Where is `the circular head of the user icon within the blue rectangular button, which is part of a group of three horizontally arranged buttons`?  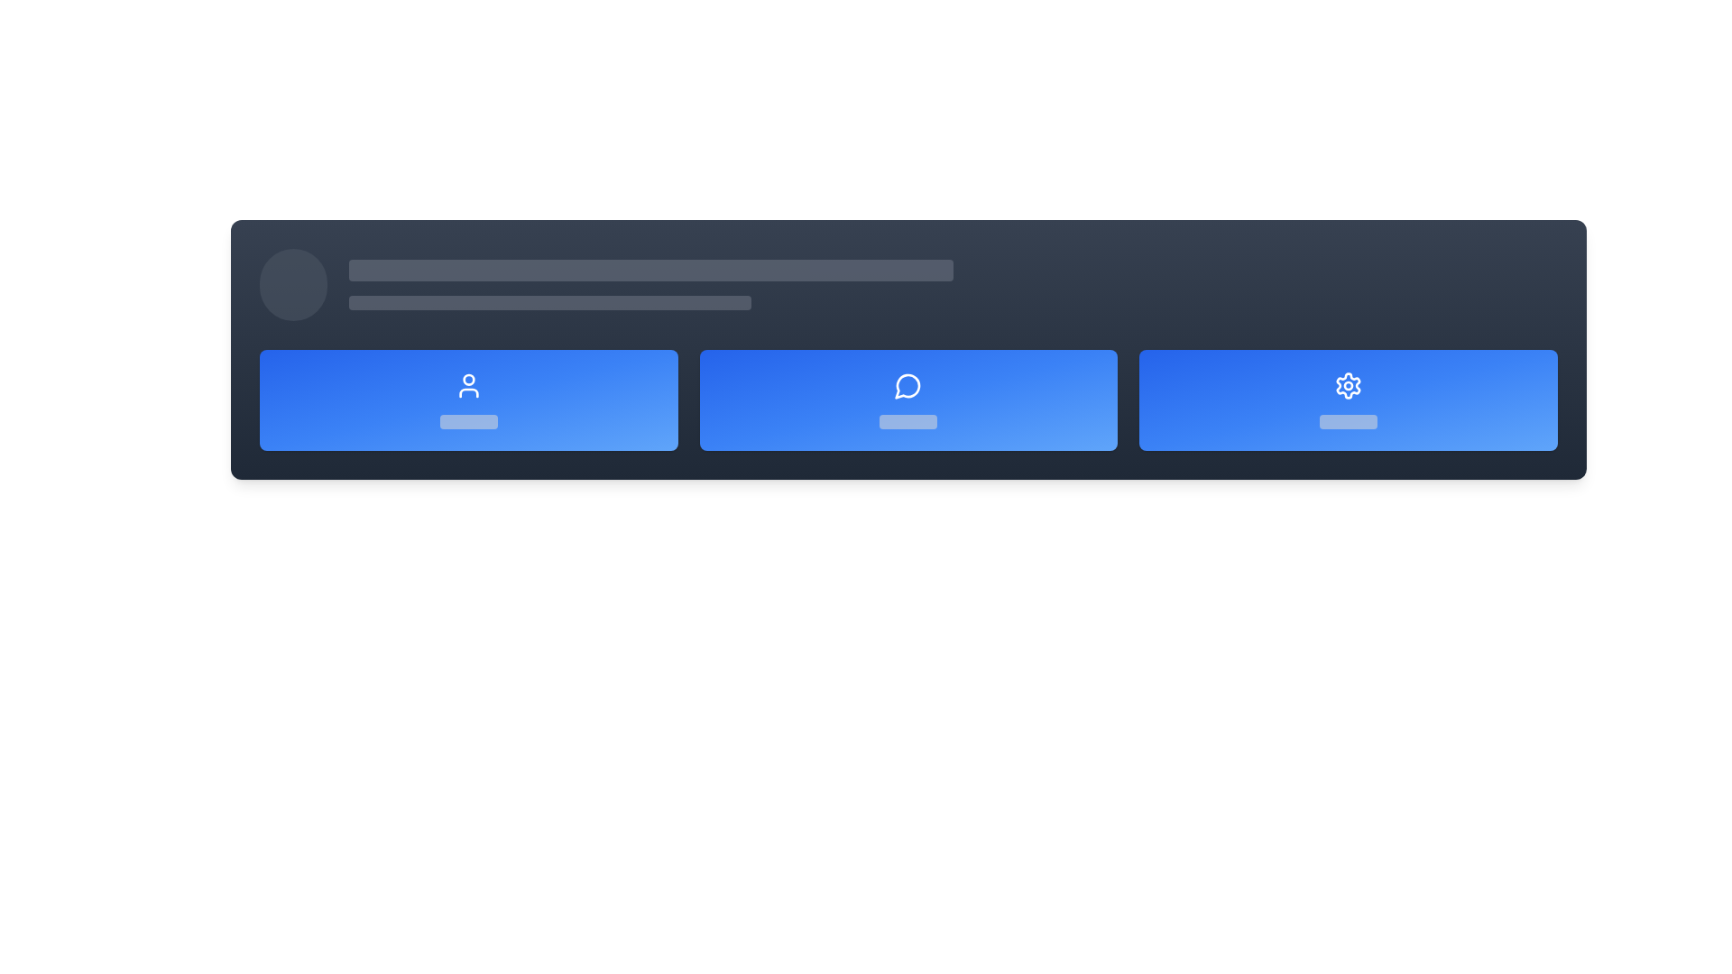
the circular head of the user icon within the blue rectangular button, which is part of a group of three horizontally arranged buttons is located at coordinates (468, 379).